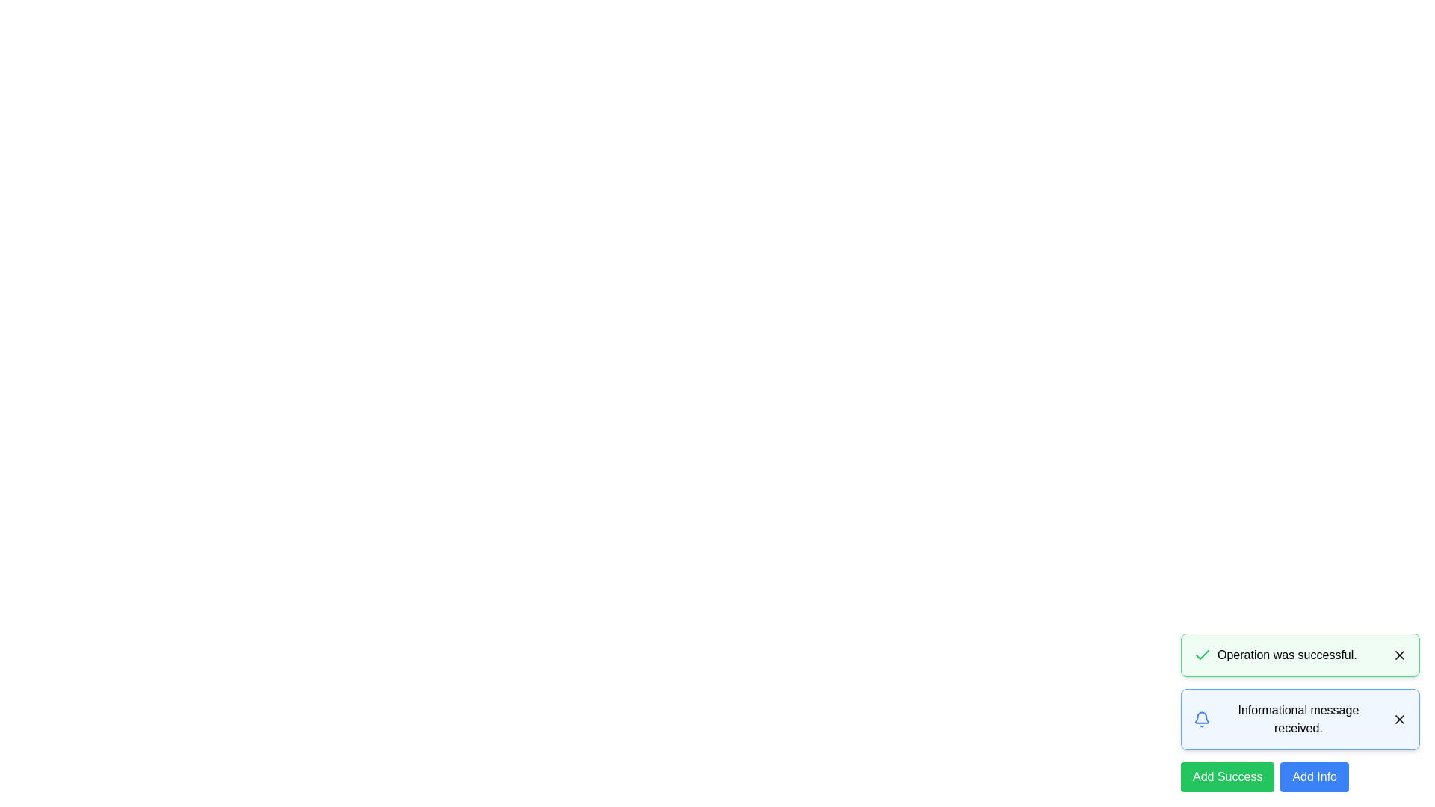 Image resolution: width=1435 pixels, height=807 pixels. What do you see at coordinates (1202, 654) in the screenshot?
I see `the status indicated by the success Icon located to the left of the text 'Operation was successful.'` at bounding box center [1202, 654].